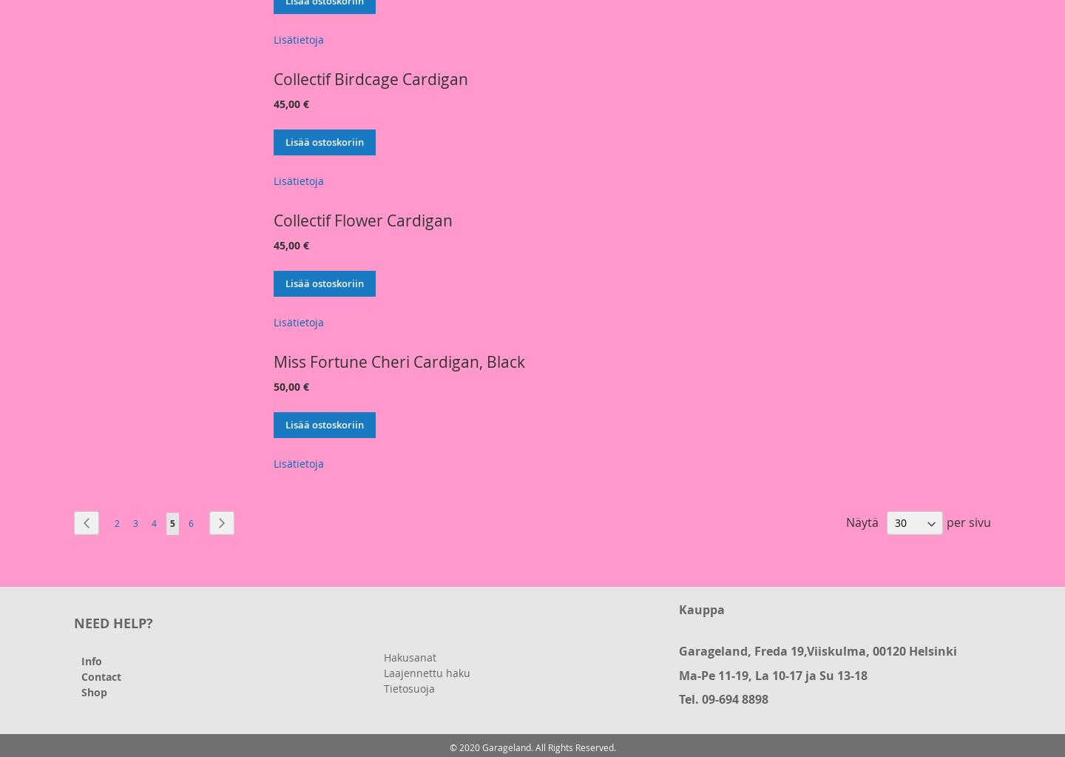  I want to click on '2', so click(116, 522).